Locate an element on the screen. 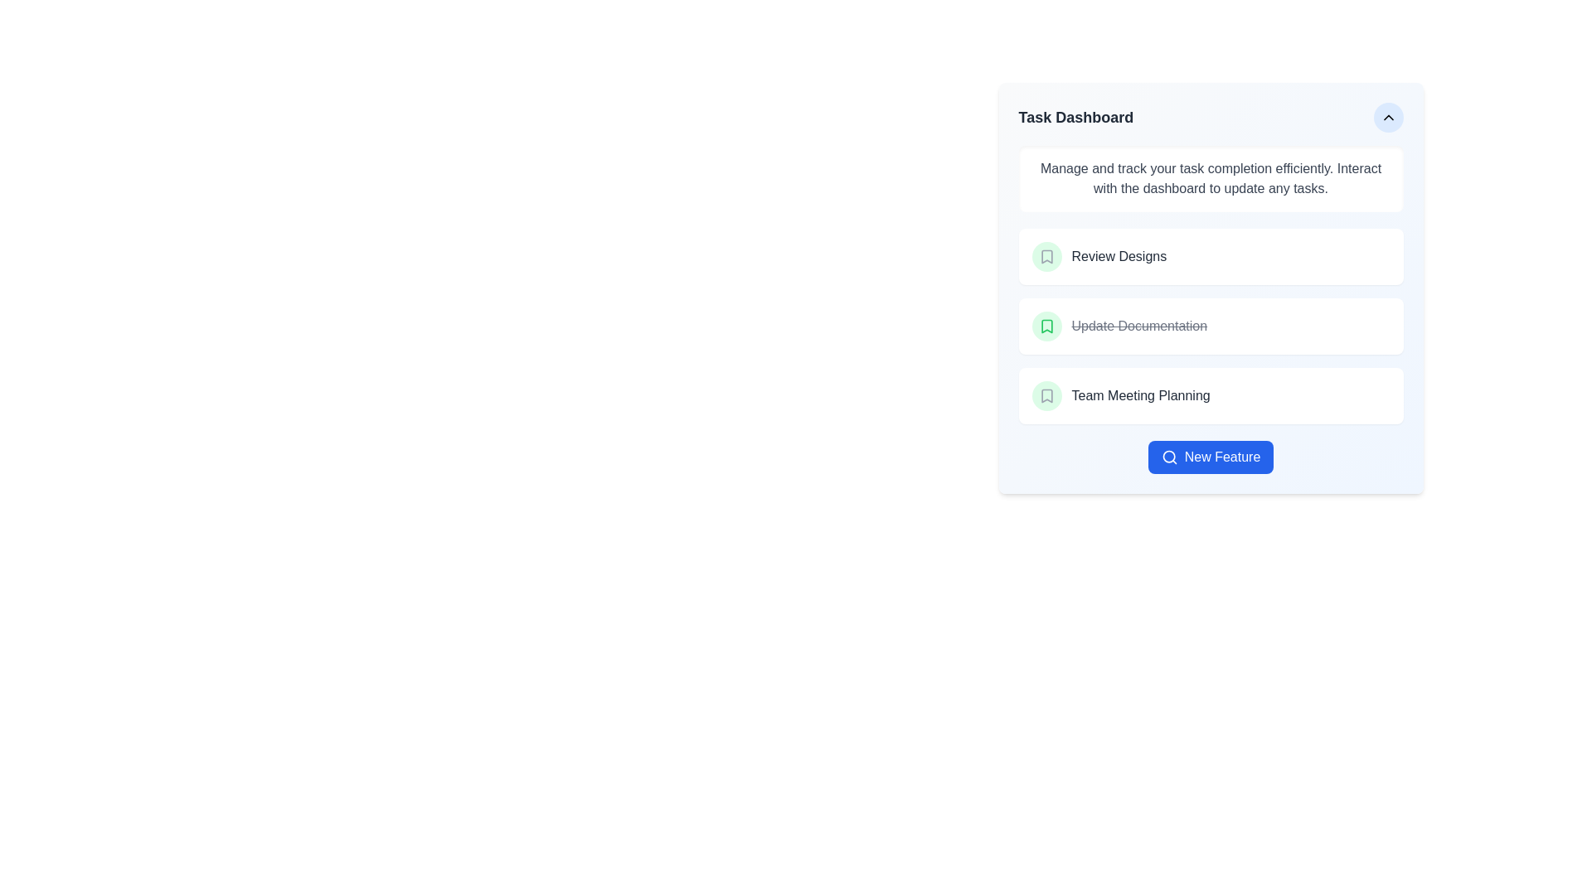 This screenshot has width=1592, height=895. informational text box located below the main heading of the 'Task Dashboard', which provides guidance on managing and tracking task completion is located at coordinates (1211, 179).